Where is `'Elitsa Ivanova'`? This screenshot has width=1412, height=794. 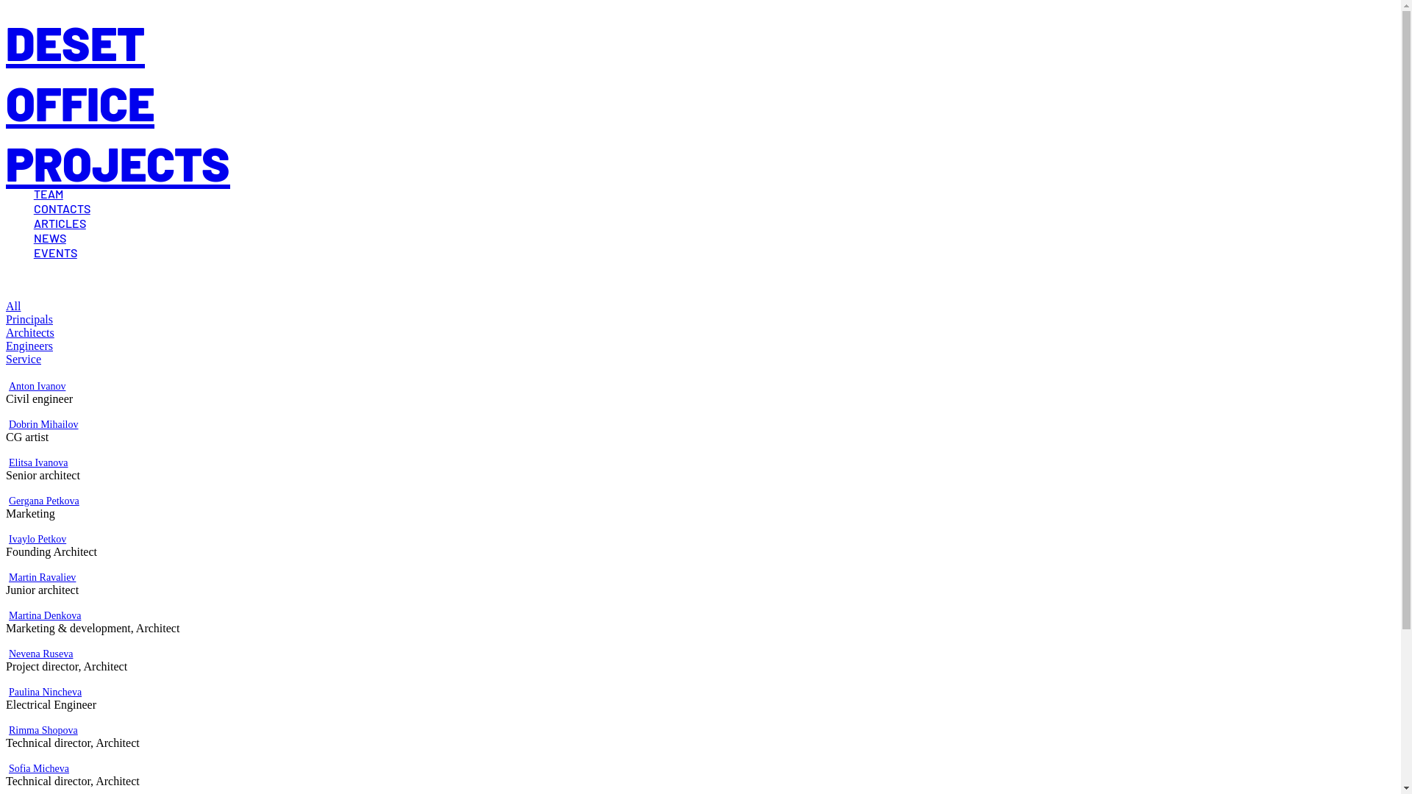 'Elitsa Ivanova' is located at coordinates (38, 462).